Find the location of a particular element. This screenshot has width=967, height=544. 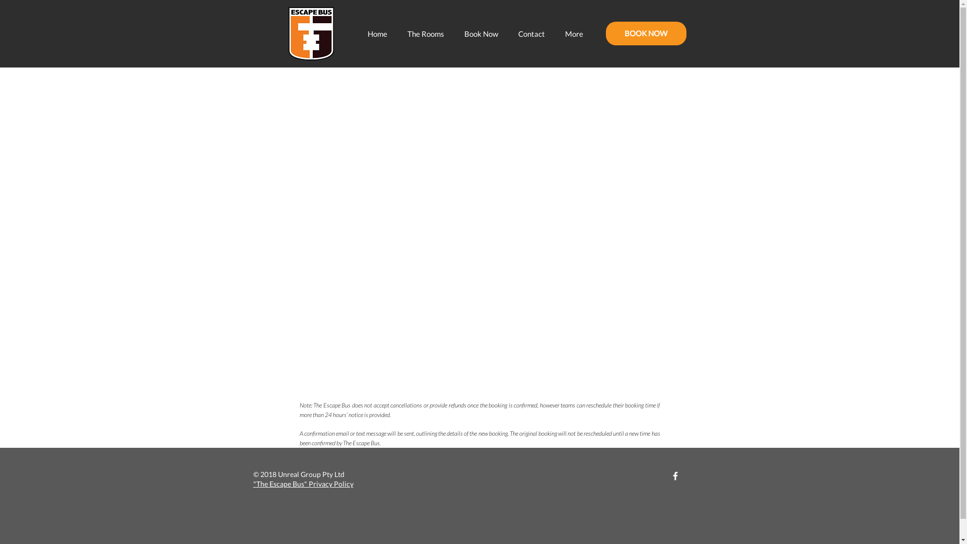

'Contact' is located at coordinates (530, 33).